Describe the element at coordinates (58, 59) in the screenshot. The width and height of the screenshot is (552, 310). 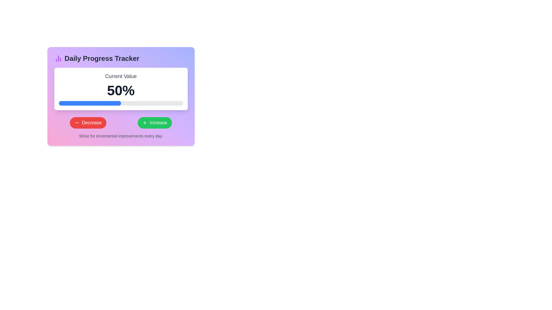
I see `the Icon that visually represents the 'Daily Progress Tracker', located in the top-left area of the header section` at that location.